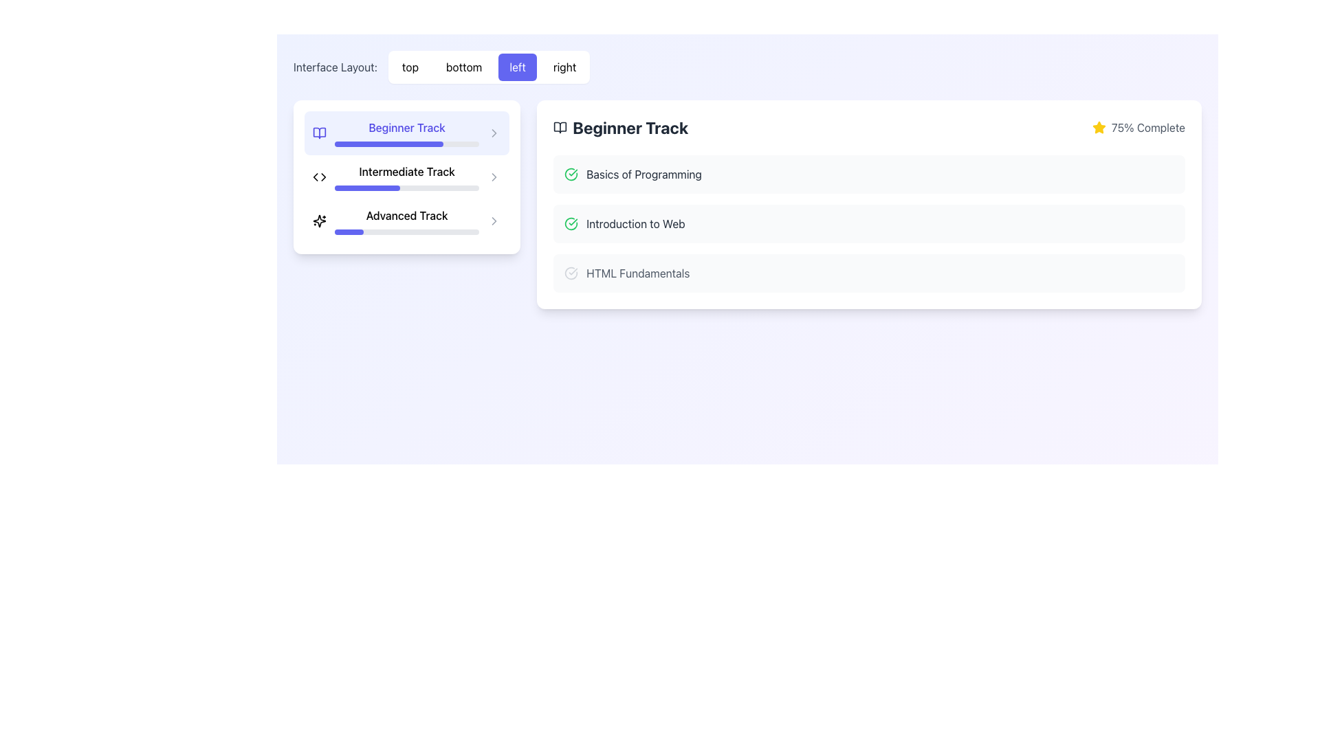 The width and height of the screenshot is (1320, 742). I want to click on the icon located to the left of the '75% Complete' text in the top-right corner of the card to emphasize the associated progress information, so click(1098, 127).